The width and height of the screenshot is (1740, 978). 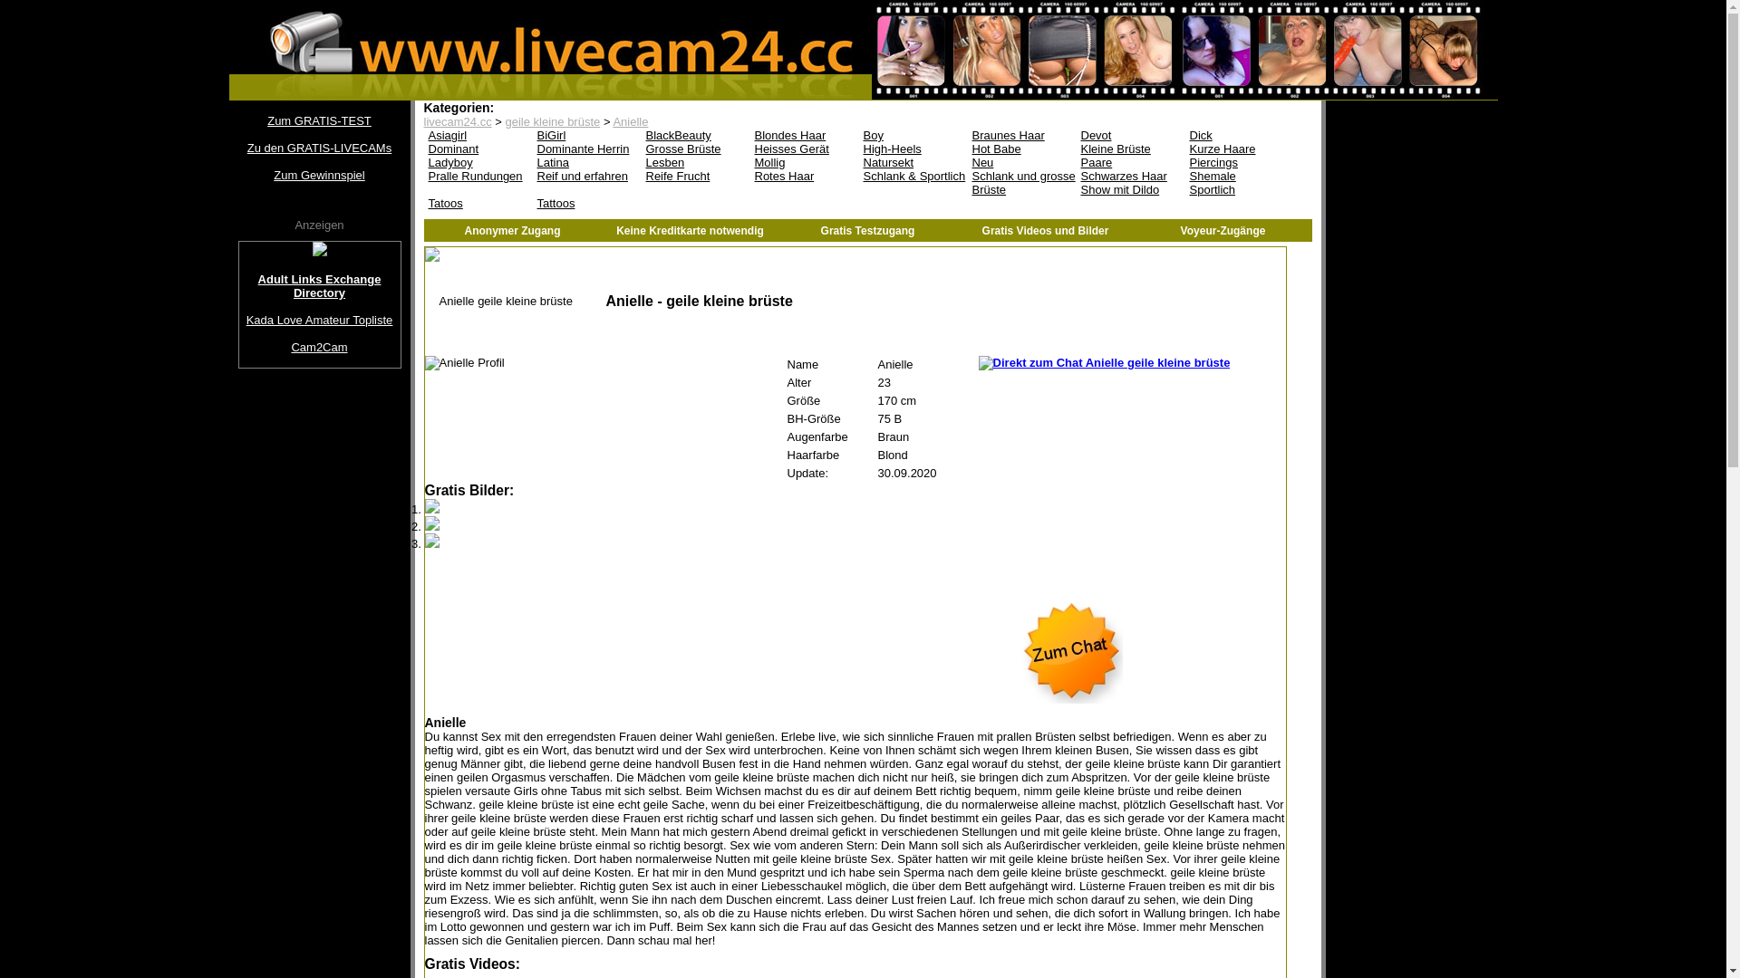 I want to click on 'Reif und erfahren', so click(x=587, y=176).